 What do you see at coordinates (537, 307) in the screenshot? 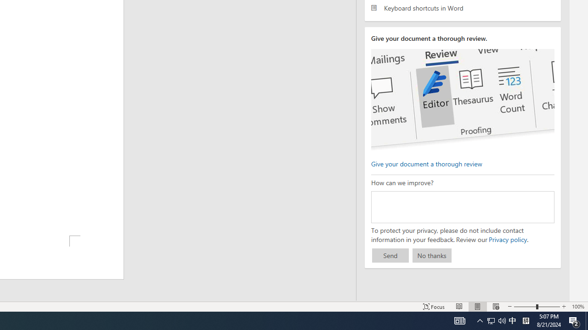
I see `'Zoom'` at bounding box center [537, 307].